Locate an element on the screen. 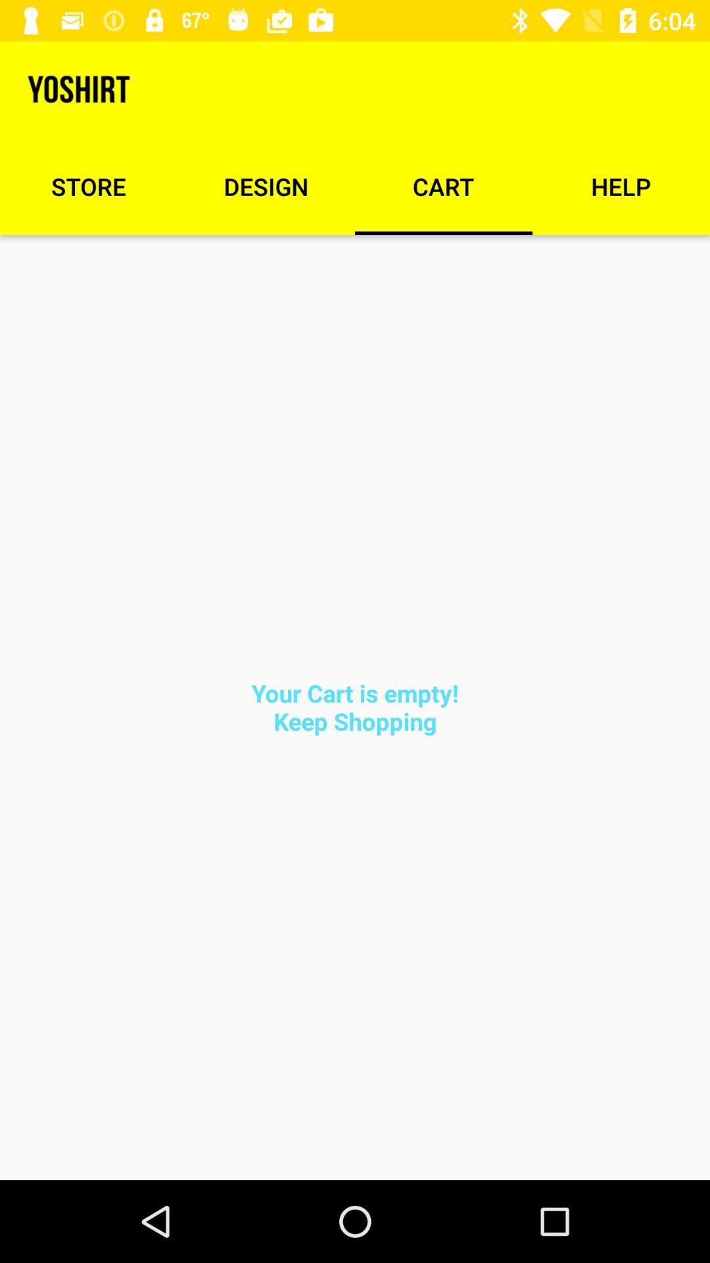 Image resolution: width=710 pixels, height=1263 pixels. your cart is at the center is located at coordinates (355, 706).